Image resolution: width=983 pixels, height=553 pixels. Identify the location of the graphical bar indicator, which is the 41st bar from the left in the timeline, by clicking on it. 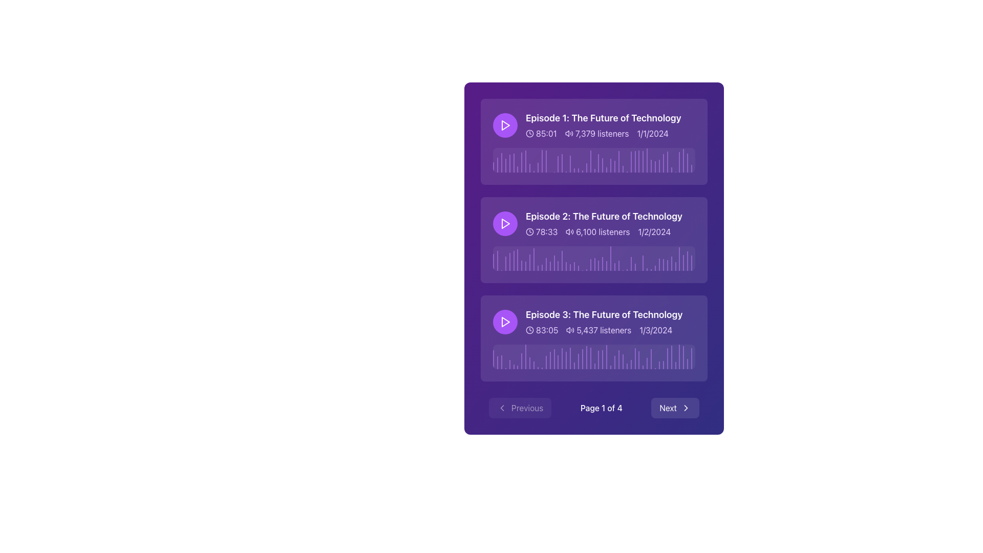
(659, 365).